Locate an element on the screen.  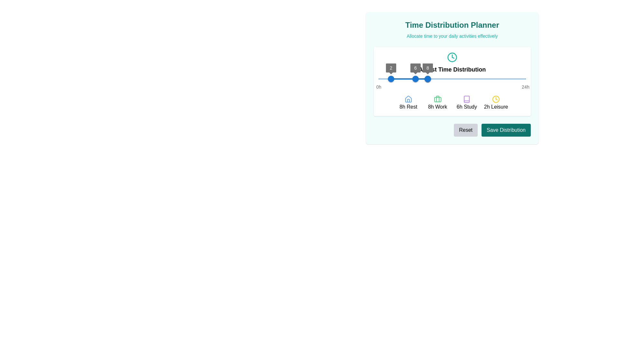
the slider value is located at coordinates (399, 79).